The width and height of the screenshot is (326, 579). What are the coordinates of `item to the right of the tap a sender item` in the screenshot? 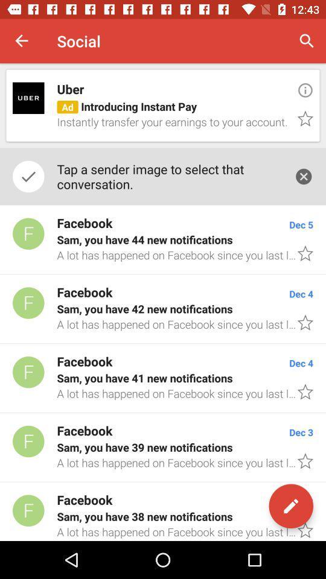 It's located at (303, 176).